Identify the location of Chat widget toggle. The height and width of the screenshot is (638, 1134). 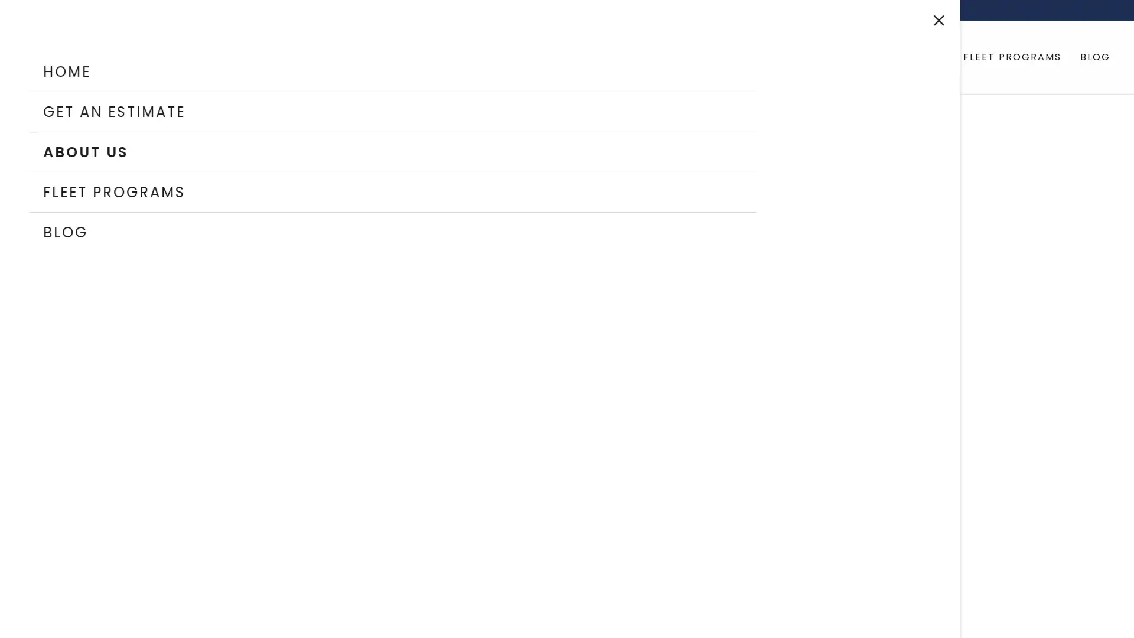
(1103, 608).